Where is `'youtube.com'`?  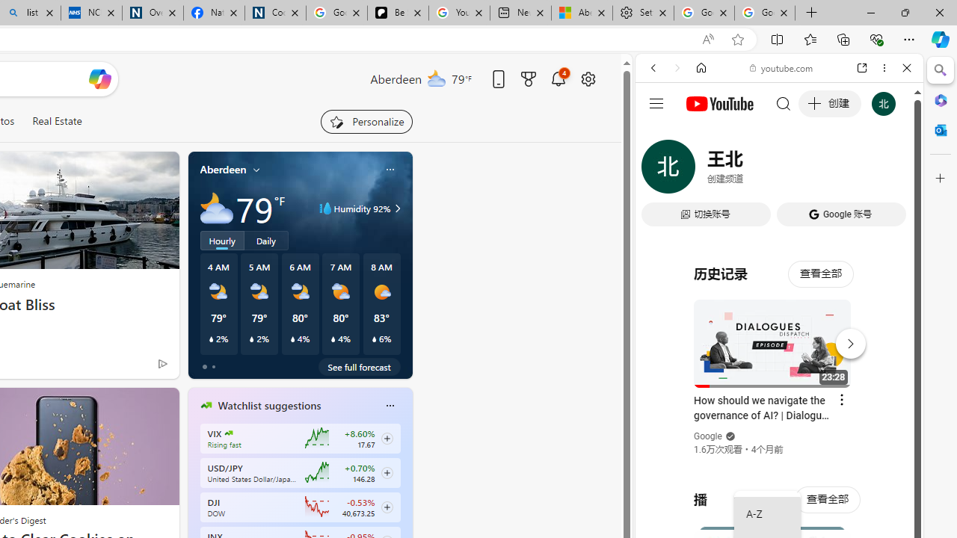
'youtube.com' is located at coordinates (781, 68).